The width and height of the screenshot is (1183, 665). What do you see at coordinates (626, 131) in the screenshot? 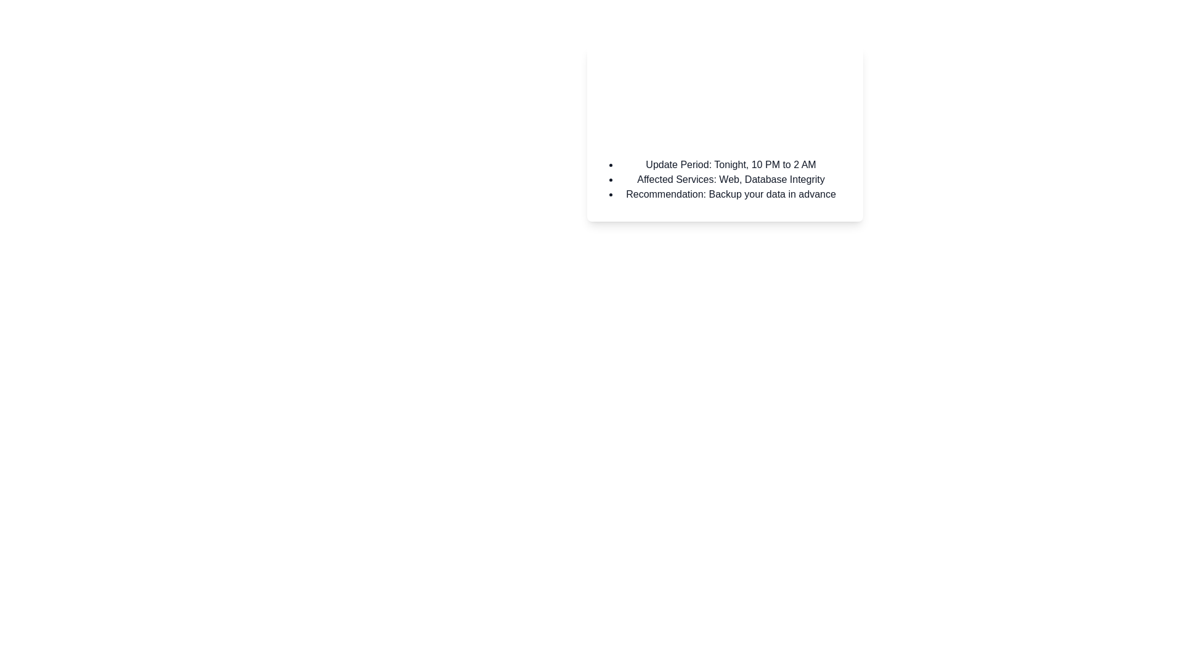
I see `the 'Hide Details' button to toggle the visibility of the details section` at bounding box center [626, 131].